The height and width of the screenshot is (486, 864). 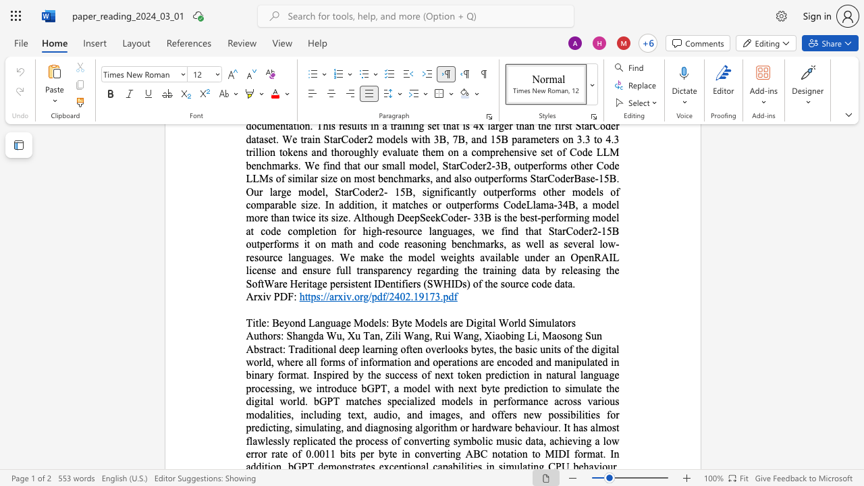 What do you see at coordinates (520, 323) in the screenshot?
I see `the space between the continuous character "l" and "d" in the text` at bounding box center [520, 323].